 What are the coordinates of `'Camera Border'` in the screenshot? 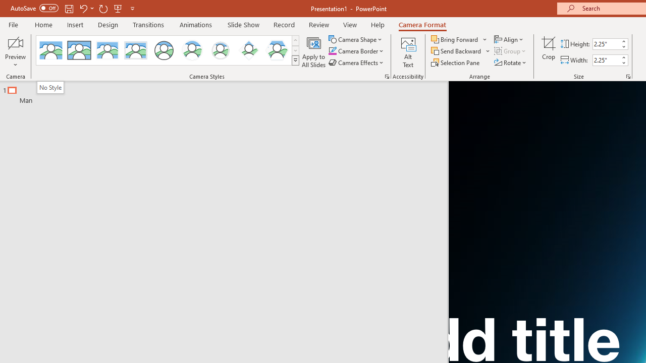 It's located at (356, 51).